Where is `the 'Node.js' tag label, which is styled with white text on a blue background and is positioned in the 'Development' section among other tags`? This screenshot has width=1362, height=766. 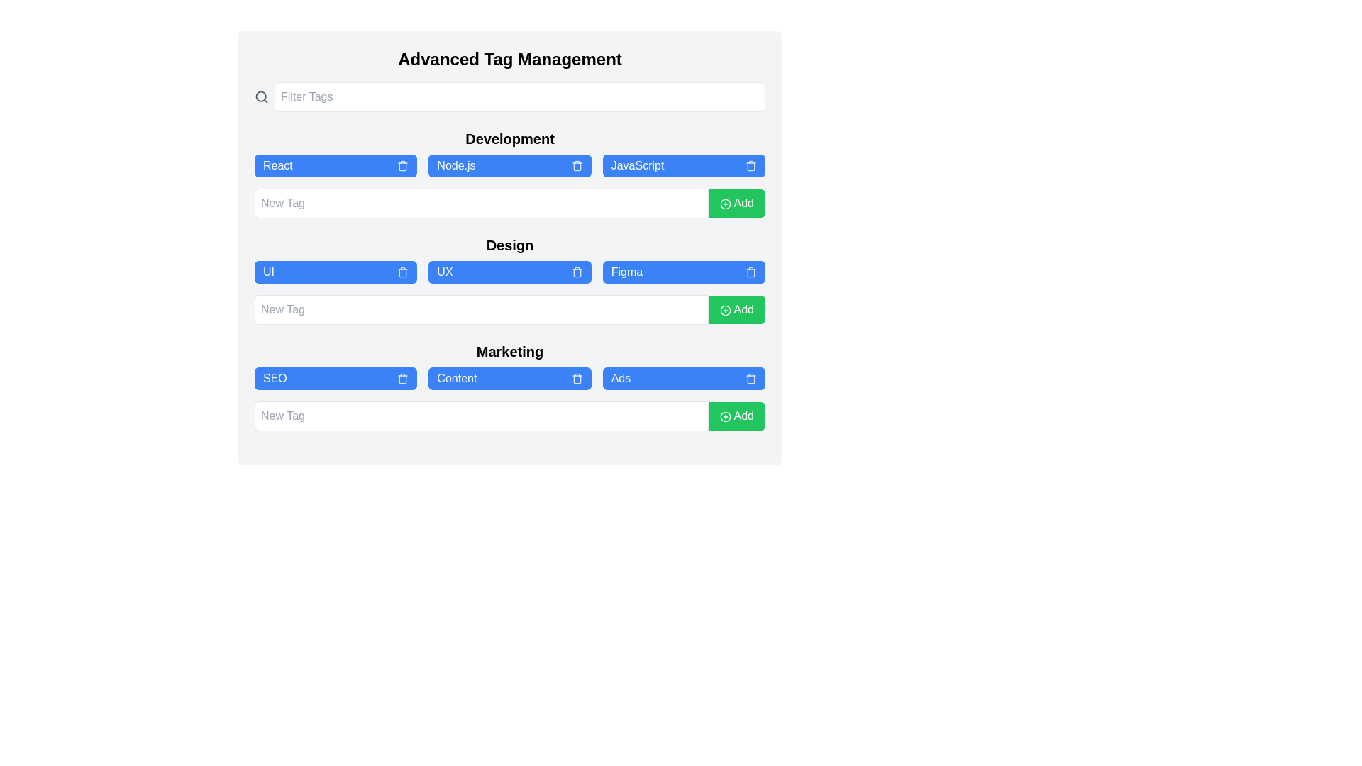 the 'Node.js' tag label, which is styled with white text on a blue background and is positioned in the 'Development' section among other tags is located at coordinates (456, 165).